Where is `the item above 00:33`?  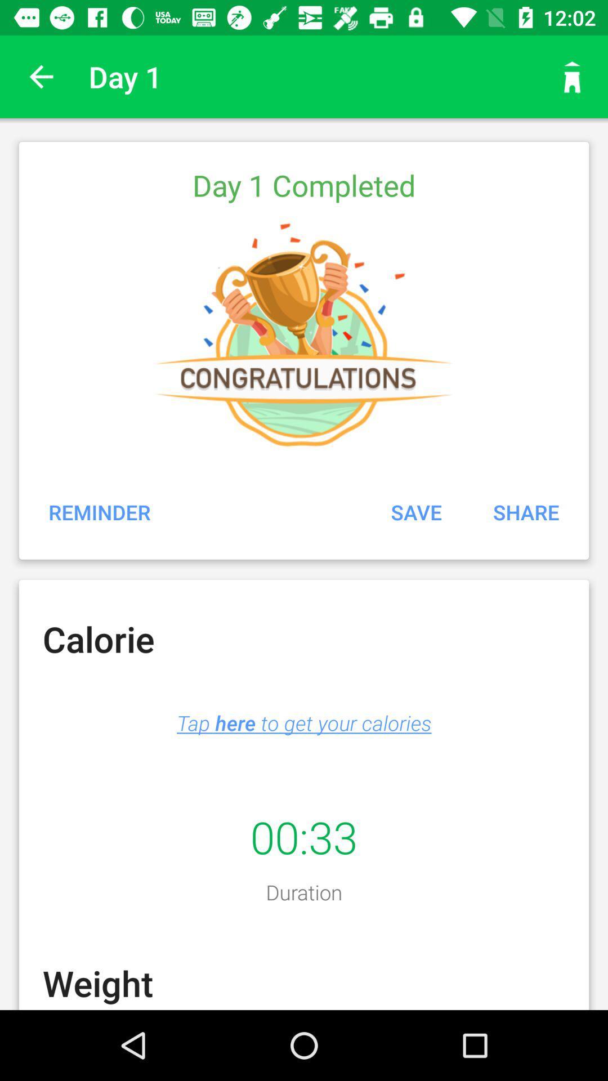
the item above 00:33 is located at coordinates (304, 723).